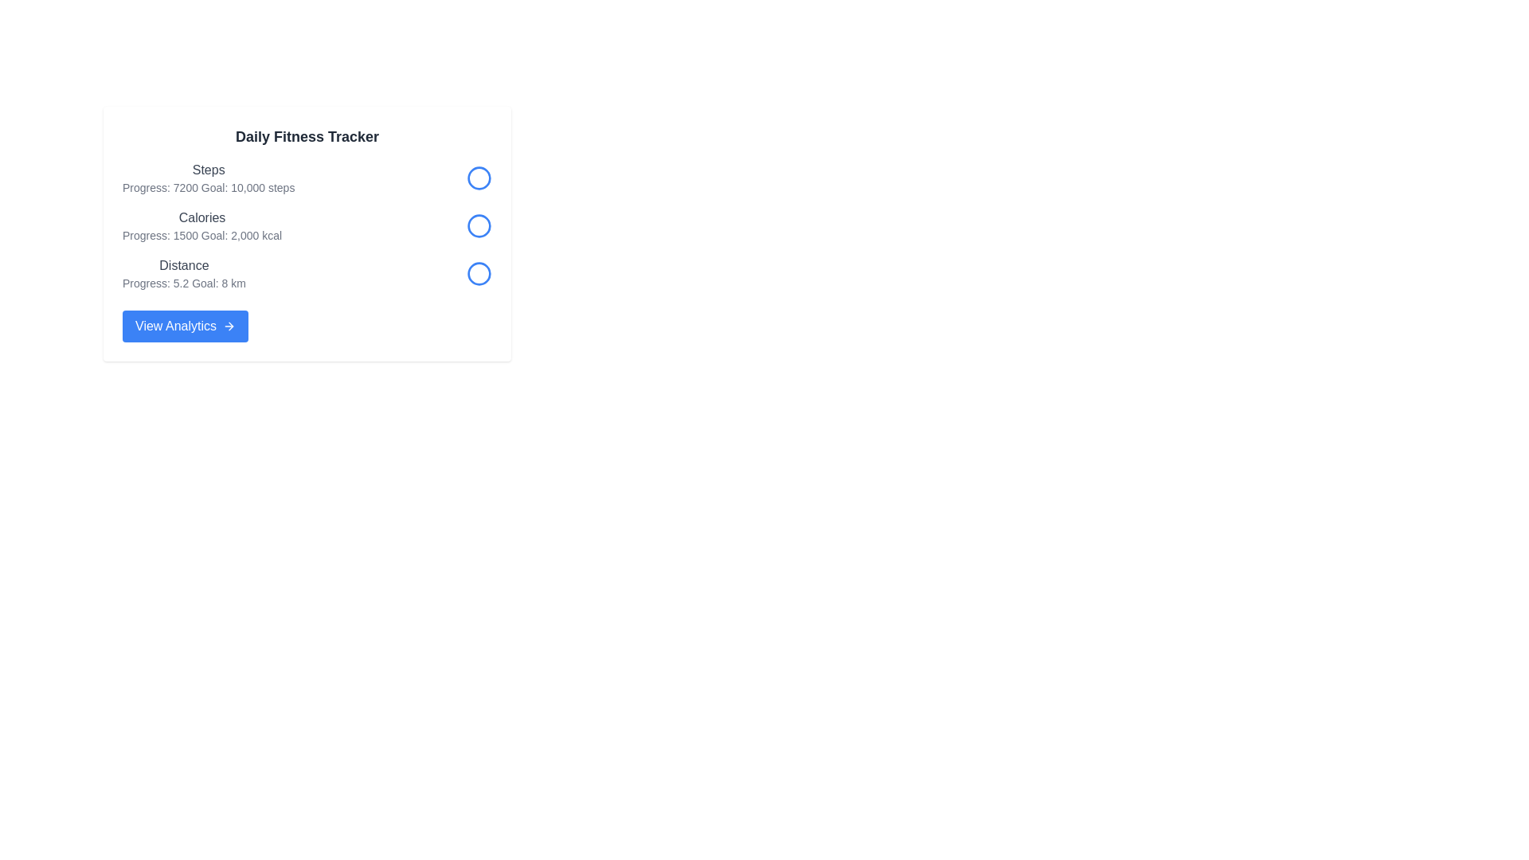 This screenshot has width=1529, height=860. Describe the element at coordinates (478, 178) in the screenshot. I see `the radio button for the 'Steps' tracking option in the Daily Fitness Tracker card` at that location.